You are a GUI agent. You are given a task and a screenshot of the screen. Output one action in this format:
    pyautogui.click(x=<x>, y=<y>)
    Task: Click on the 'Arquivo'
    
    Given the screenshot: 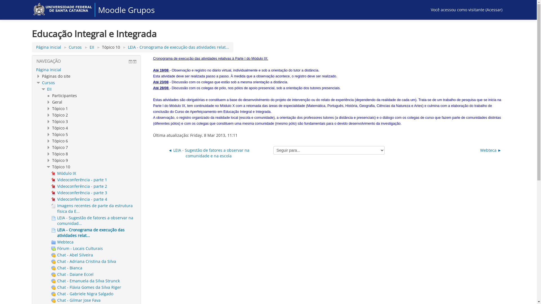 What is the action you would take?
    pyautogui.click(x=51, y=187)
    